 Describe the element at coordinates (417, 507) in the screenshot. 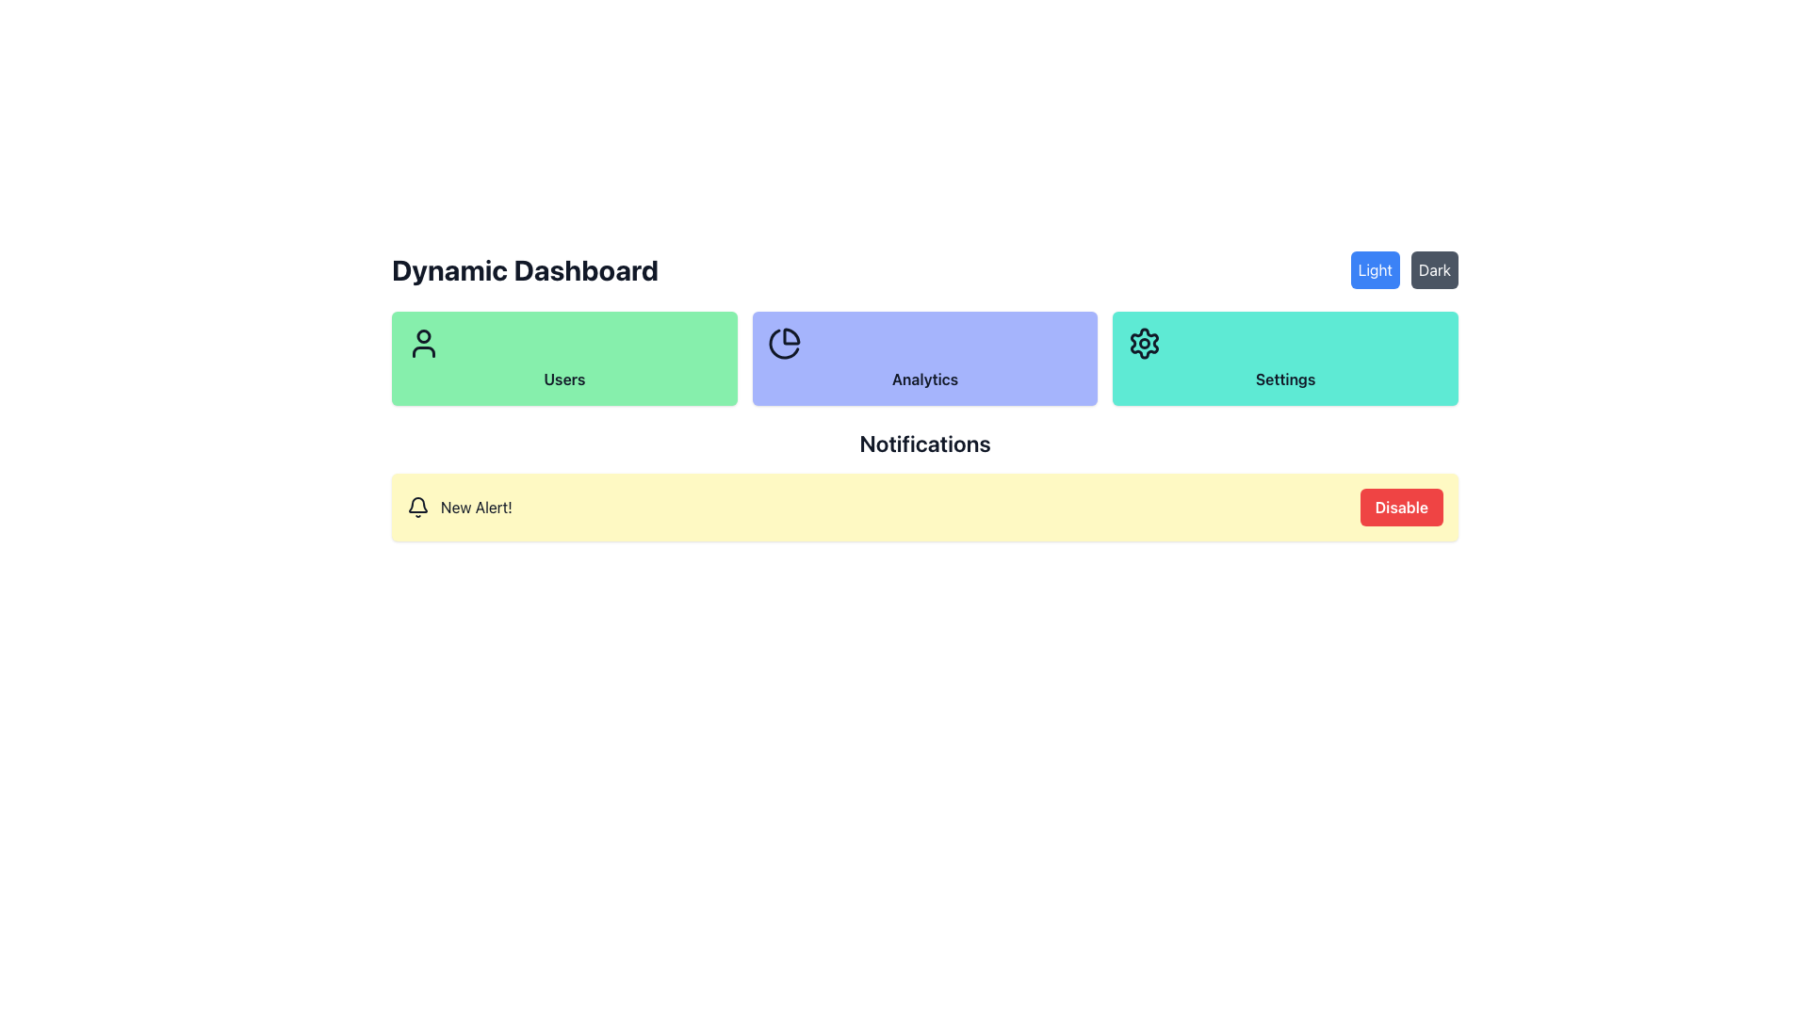

I see `the notification icon that visually indicates an alert, located in the yellow alert section below the 'Notifications' header` at that location.